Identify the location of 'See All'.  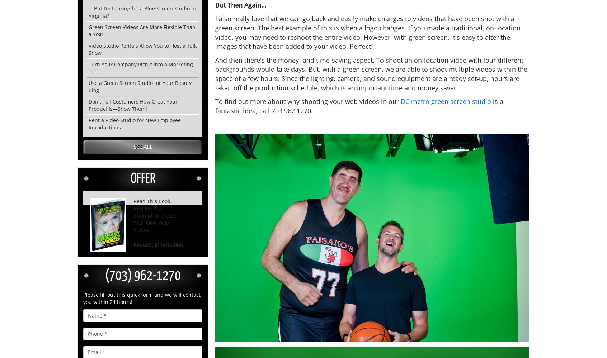
(133, 146).